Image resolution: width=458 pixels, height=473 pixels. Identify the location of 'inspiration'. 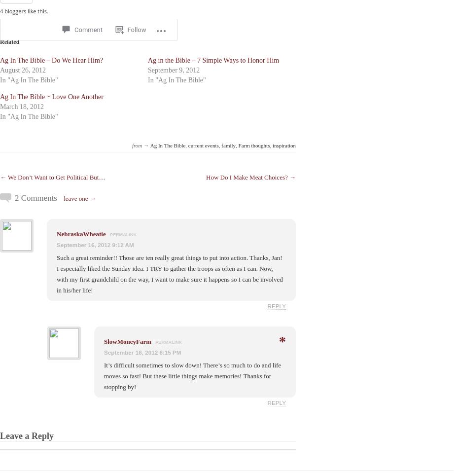
(283, 145).